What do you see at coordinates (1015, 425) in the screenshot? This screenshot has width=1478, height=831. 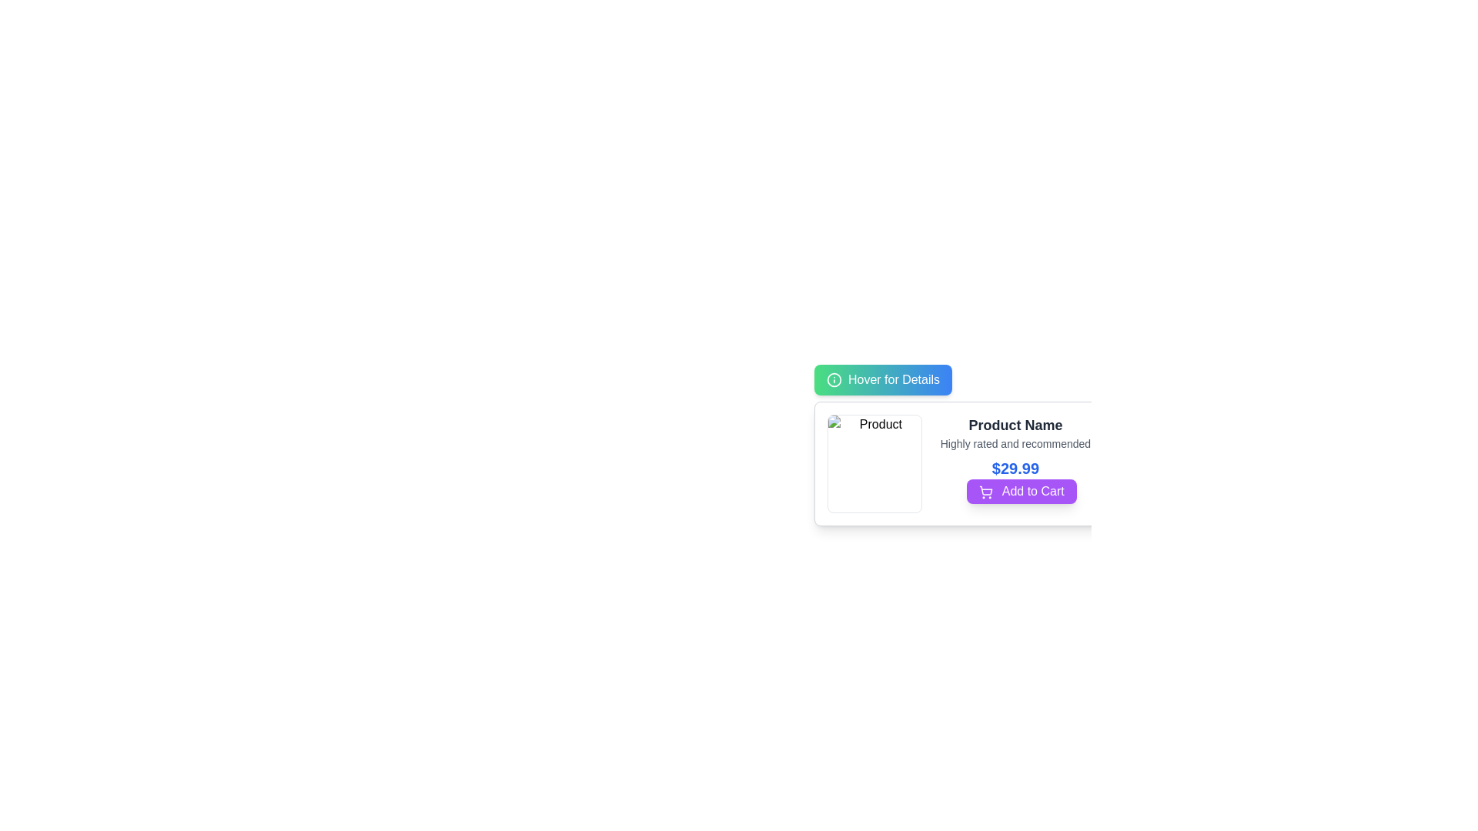 I see `the text element styled with a bold font displaying 'Product Name', located in the upper section of the product card` at bounding box center [1015, 425].